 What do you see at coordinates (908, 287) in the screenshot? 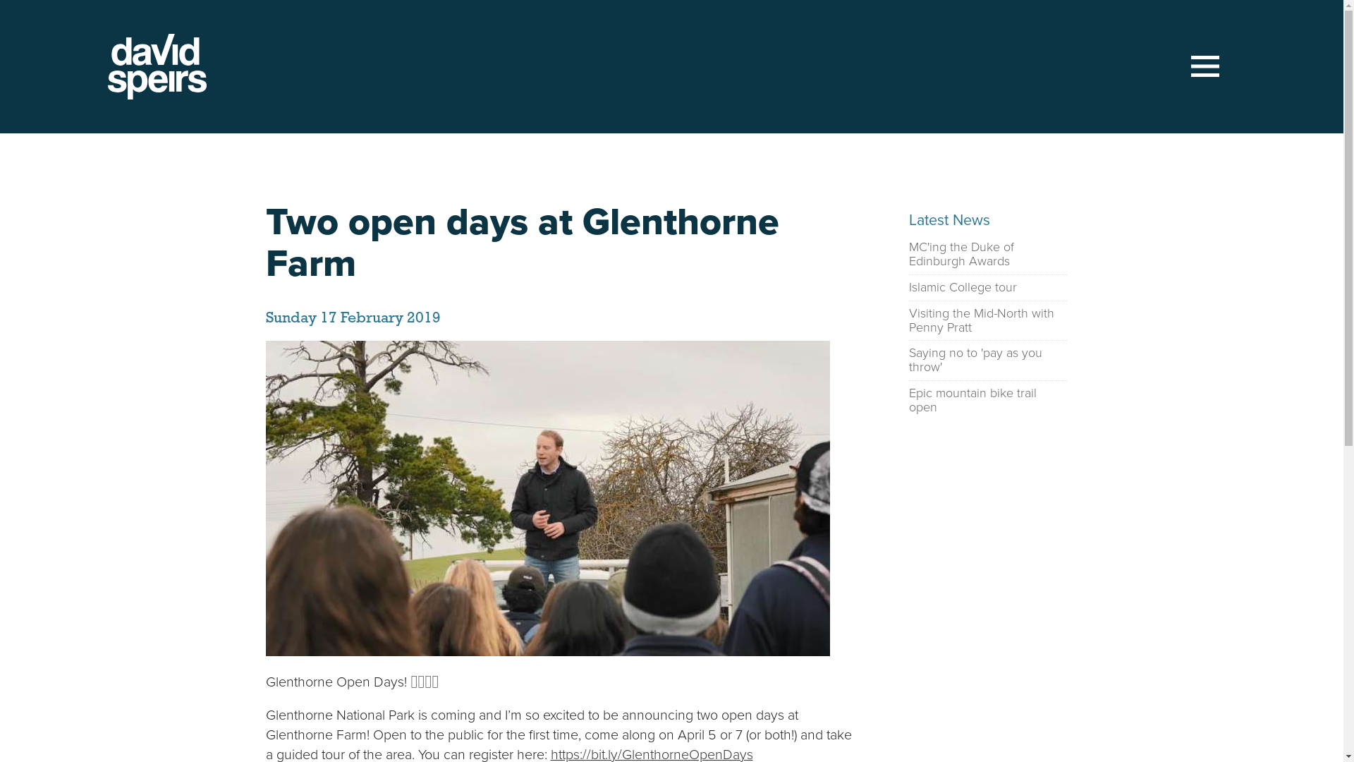
I see `'Islamic College tour'` at bounding box center [908, 287].